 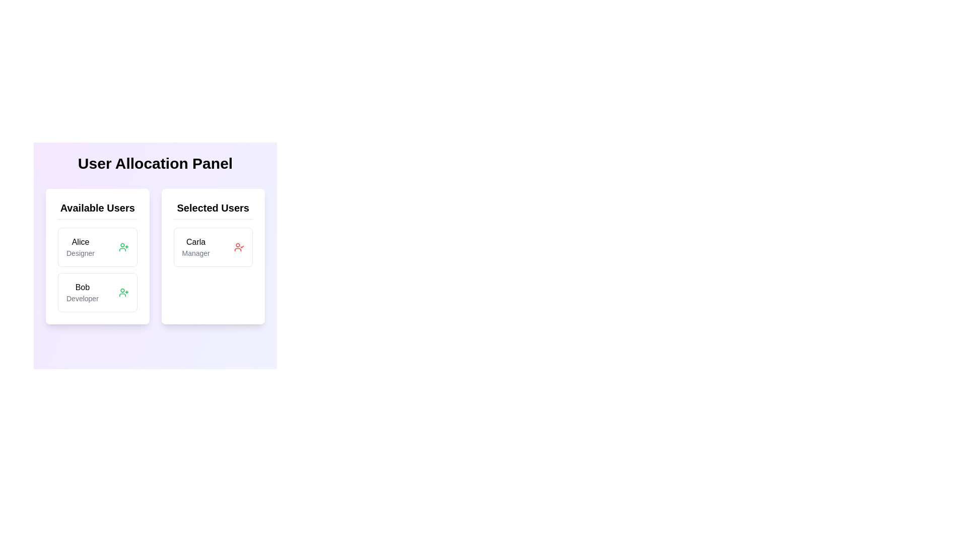 I want to click on the text label displaying the name 'Bob' located in the second user card under the 'Available Users' column, so click(x=82, y=287).